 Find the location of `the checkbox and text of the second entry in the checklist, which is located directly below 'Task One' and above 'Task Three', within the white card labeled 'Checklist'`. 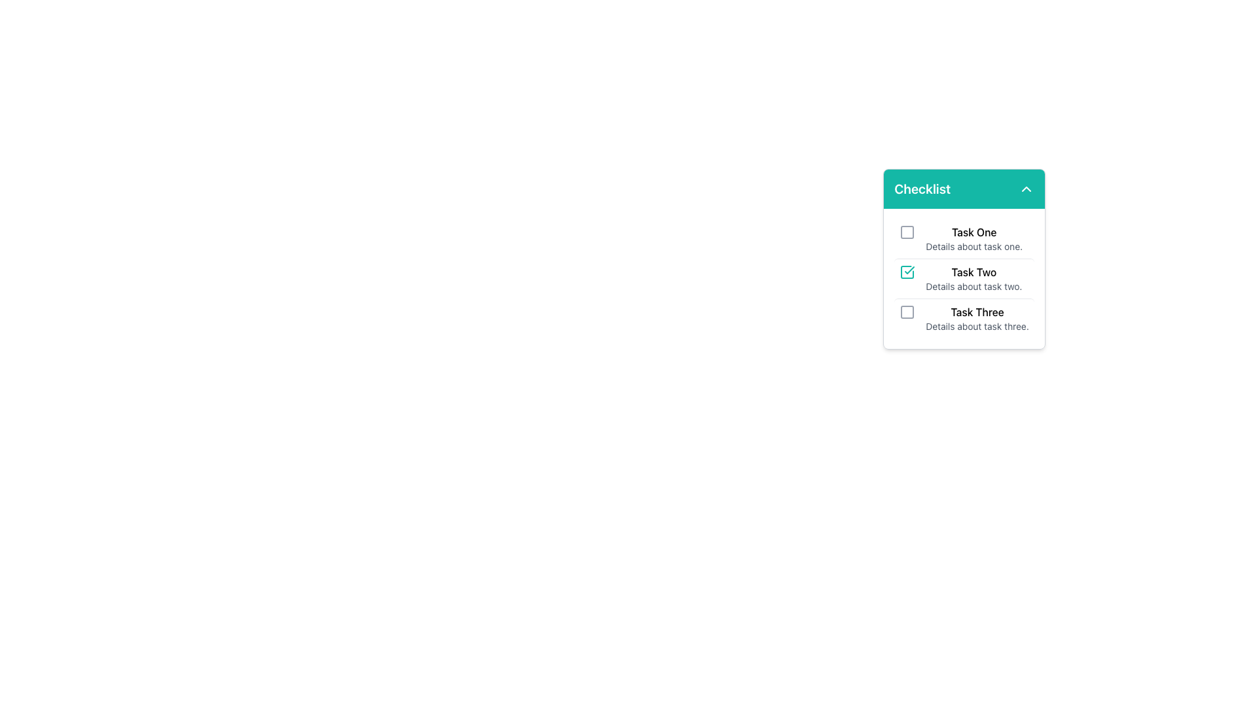

the checkbox and text of the second entry in the checklist, which is located directly below 'Task One' and above 'Task Three', within the white card labeled 'Checklist' is located at coordinates (964, 277).